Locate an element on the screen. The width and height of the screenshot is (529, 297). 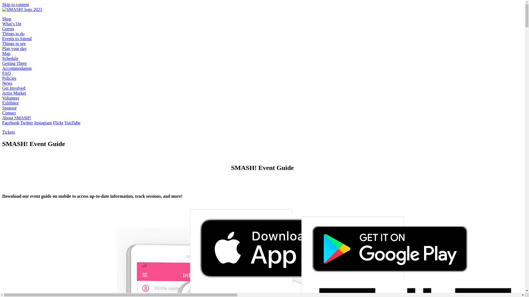
'Contact' is located at coordinates (9, 112).